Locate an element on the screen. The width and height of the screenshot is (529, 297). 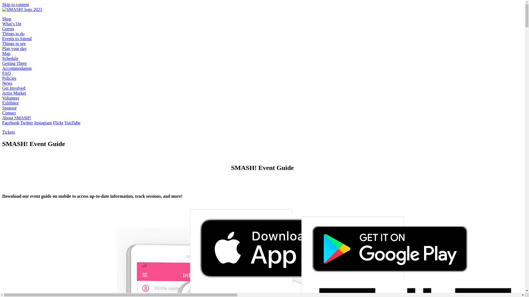
'Contact' is located at coordinates (9, 112).